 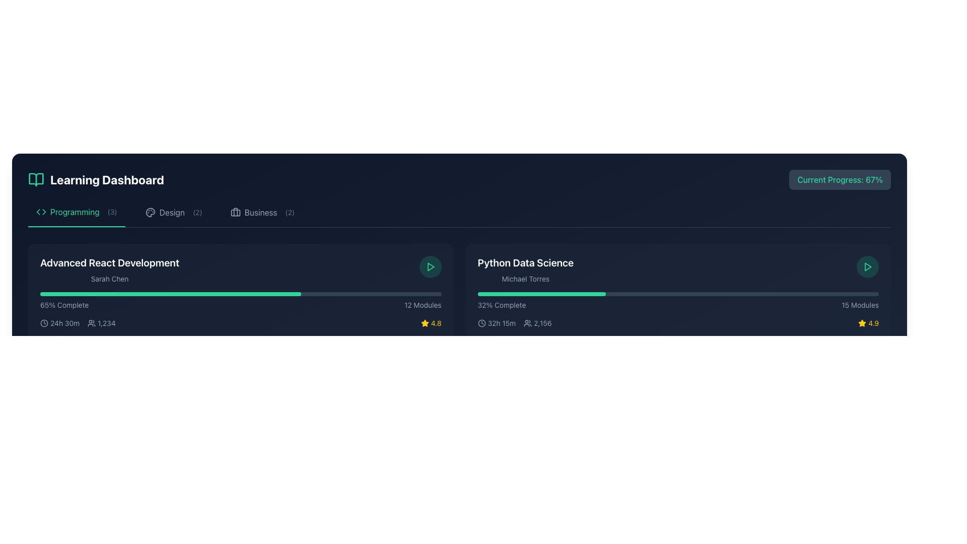 What do you see at coordinates (235, 212) in the screenshot?
I see `the Decorative SVG element that visually represents storage or carrying functionality in the red briefcase icon of the 'Business' category in the horizontal menu` at bounding box center [235, 212].